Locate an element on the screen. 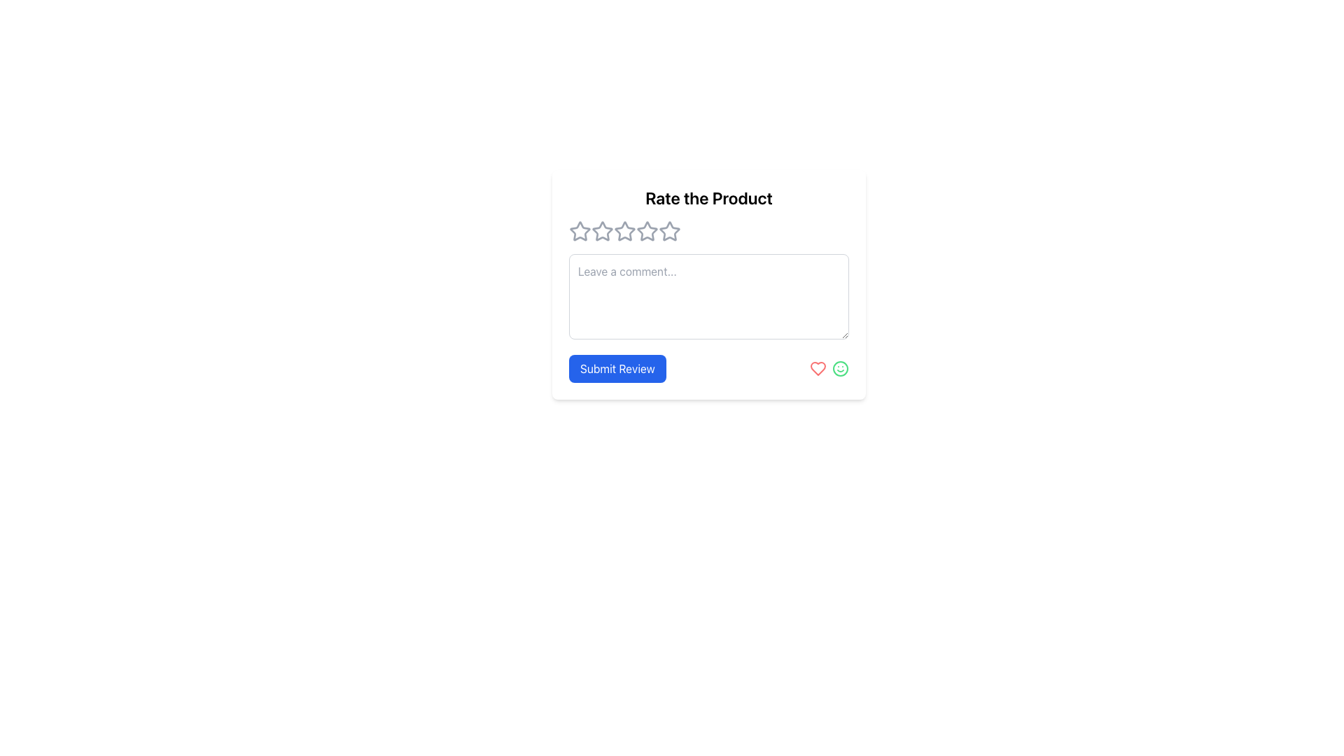 Image resolution: width=1344 pixels, height=756 pixels. the smiley icon in the bottom-right section of the 'Submit Review' area is located at coordinates (829, 368).